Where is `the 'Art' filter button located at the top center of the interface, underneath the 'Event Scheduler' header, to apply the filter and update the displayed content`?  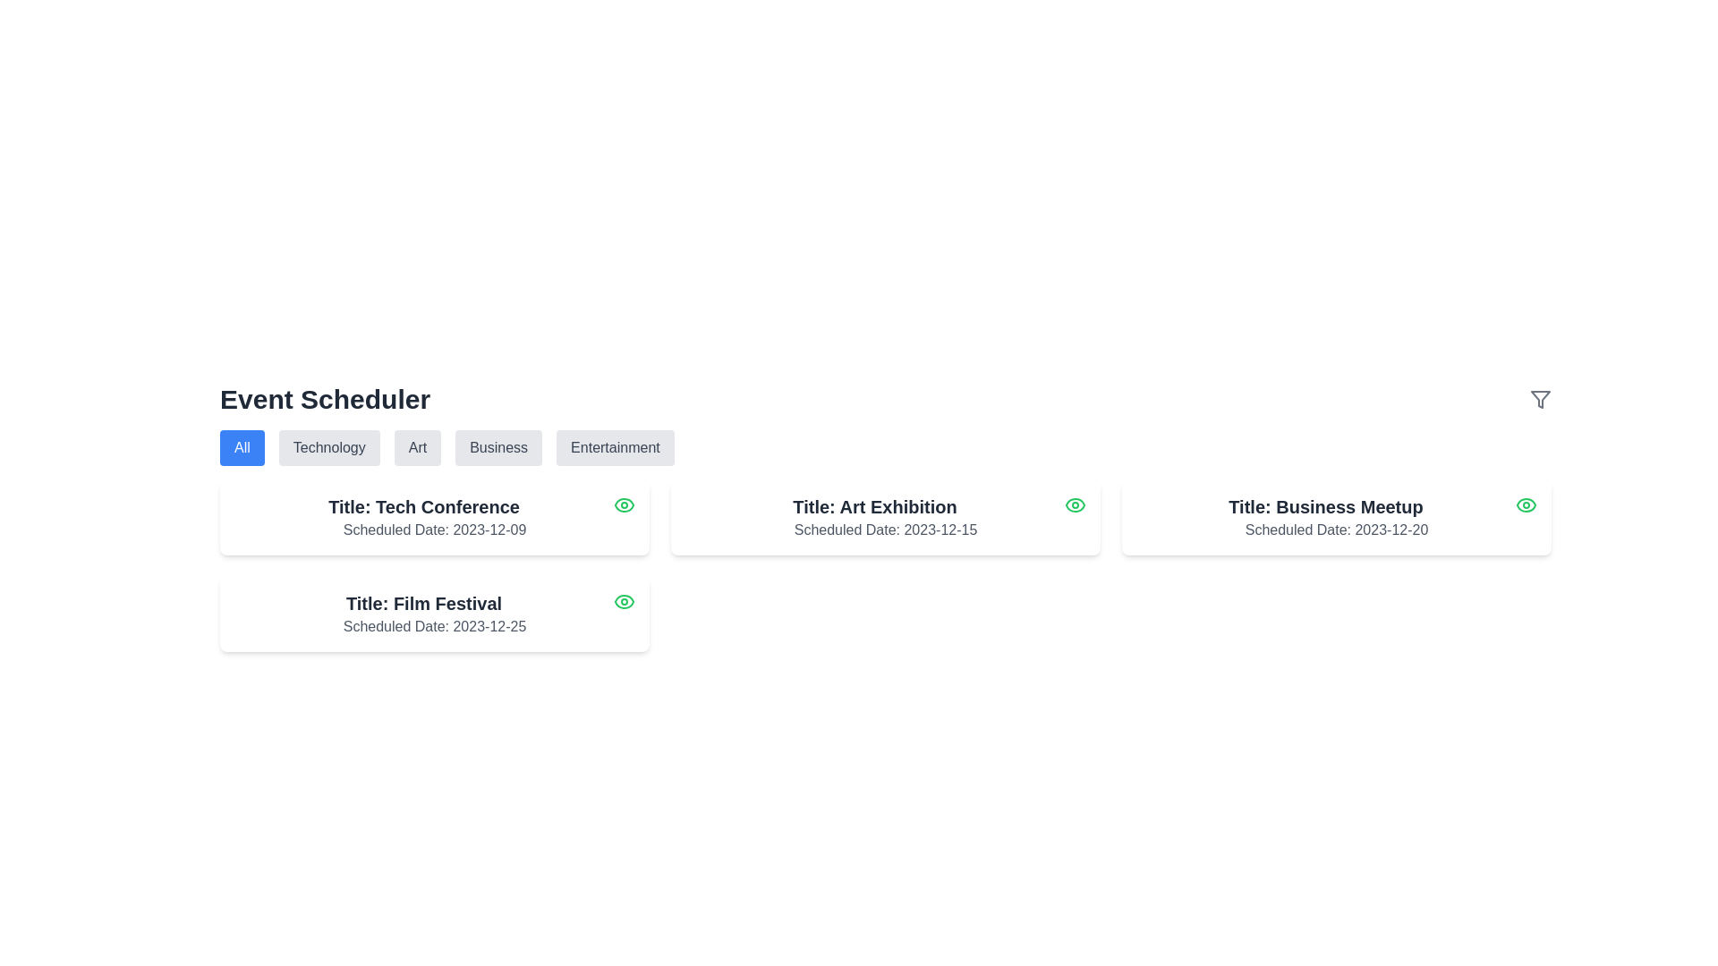 the 'Art' filter button located at the top center of the interface, underneath the 'Event Scheduler' header, to apply the filter and update the displayed content is located at coordinates (416, 447).